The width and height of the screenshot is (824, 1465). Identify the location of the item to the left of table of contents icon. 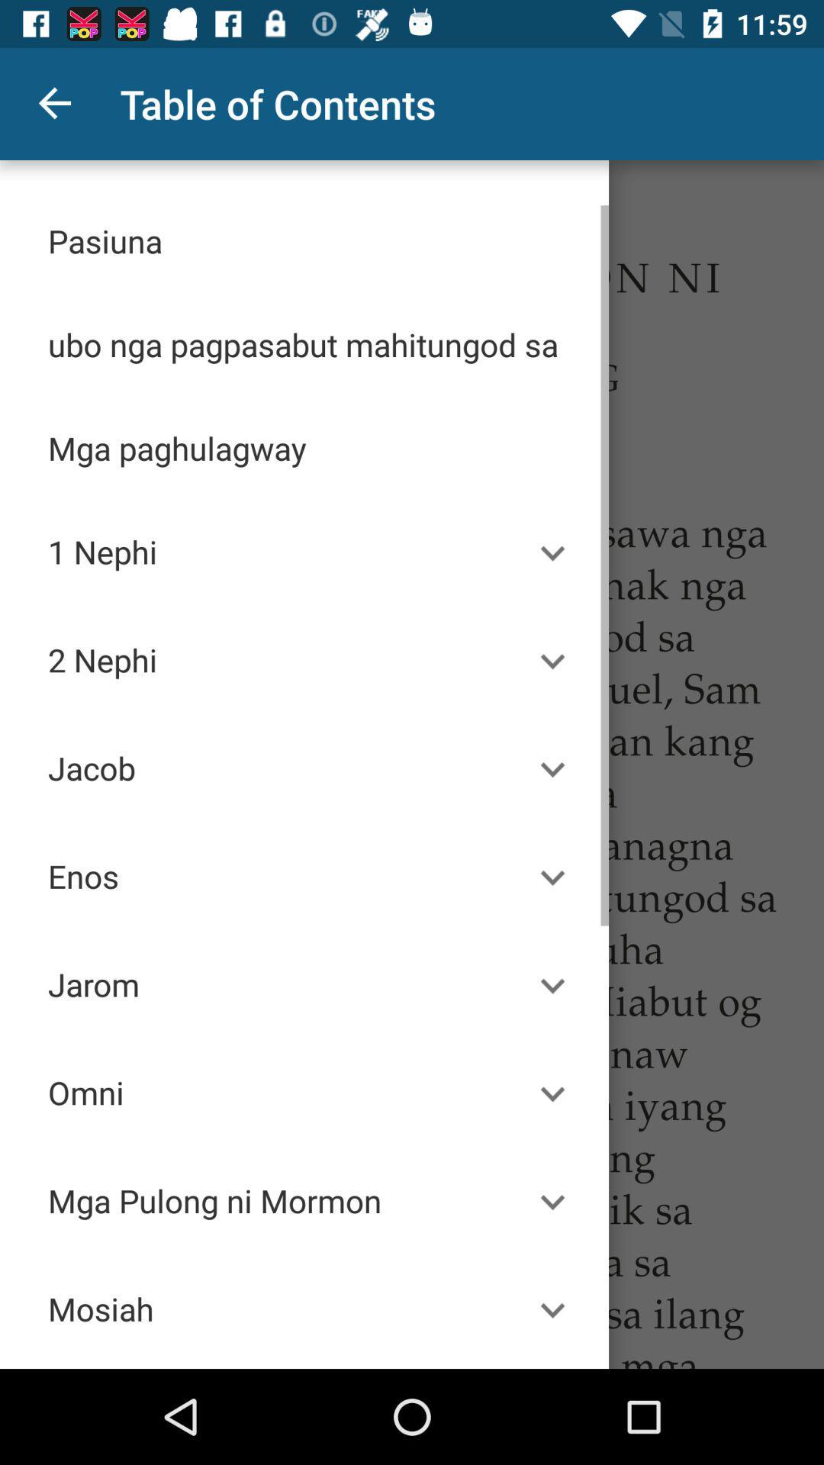
(55, 103).